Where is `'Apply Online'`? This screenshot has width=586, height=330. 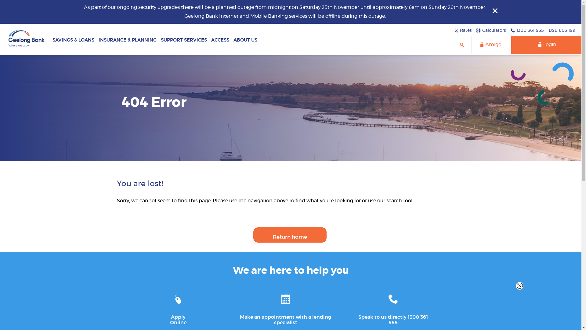
'Apply Online' is located at coordinates (162, 307).